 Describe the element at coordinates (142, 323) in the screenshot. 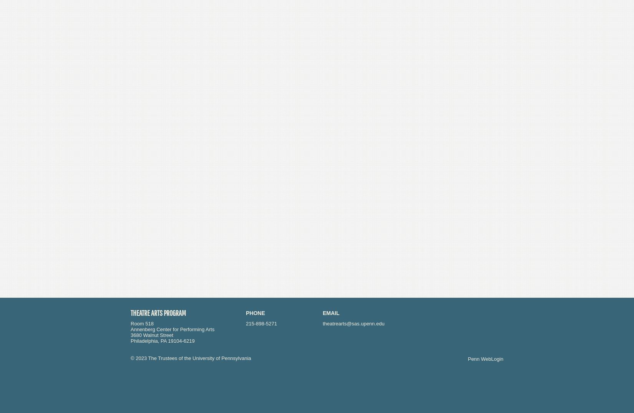

I see `'Room 518'` at that location.